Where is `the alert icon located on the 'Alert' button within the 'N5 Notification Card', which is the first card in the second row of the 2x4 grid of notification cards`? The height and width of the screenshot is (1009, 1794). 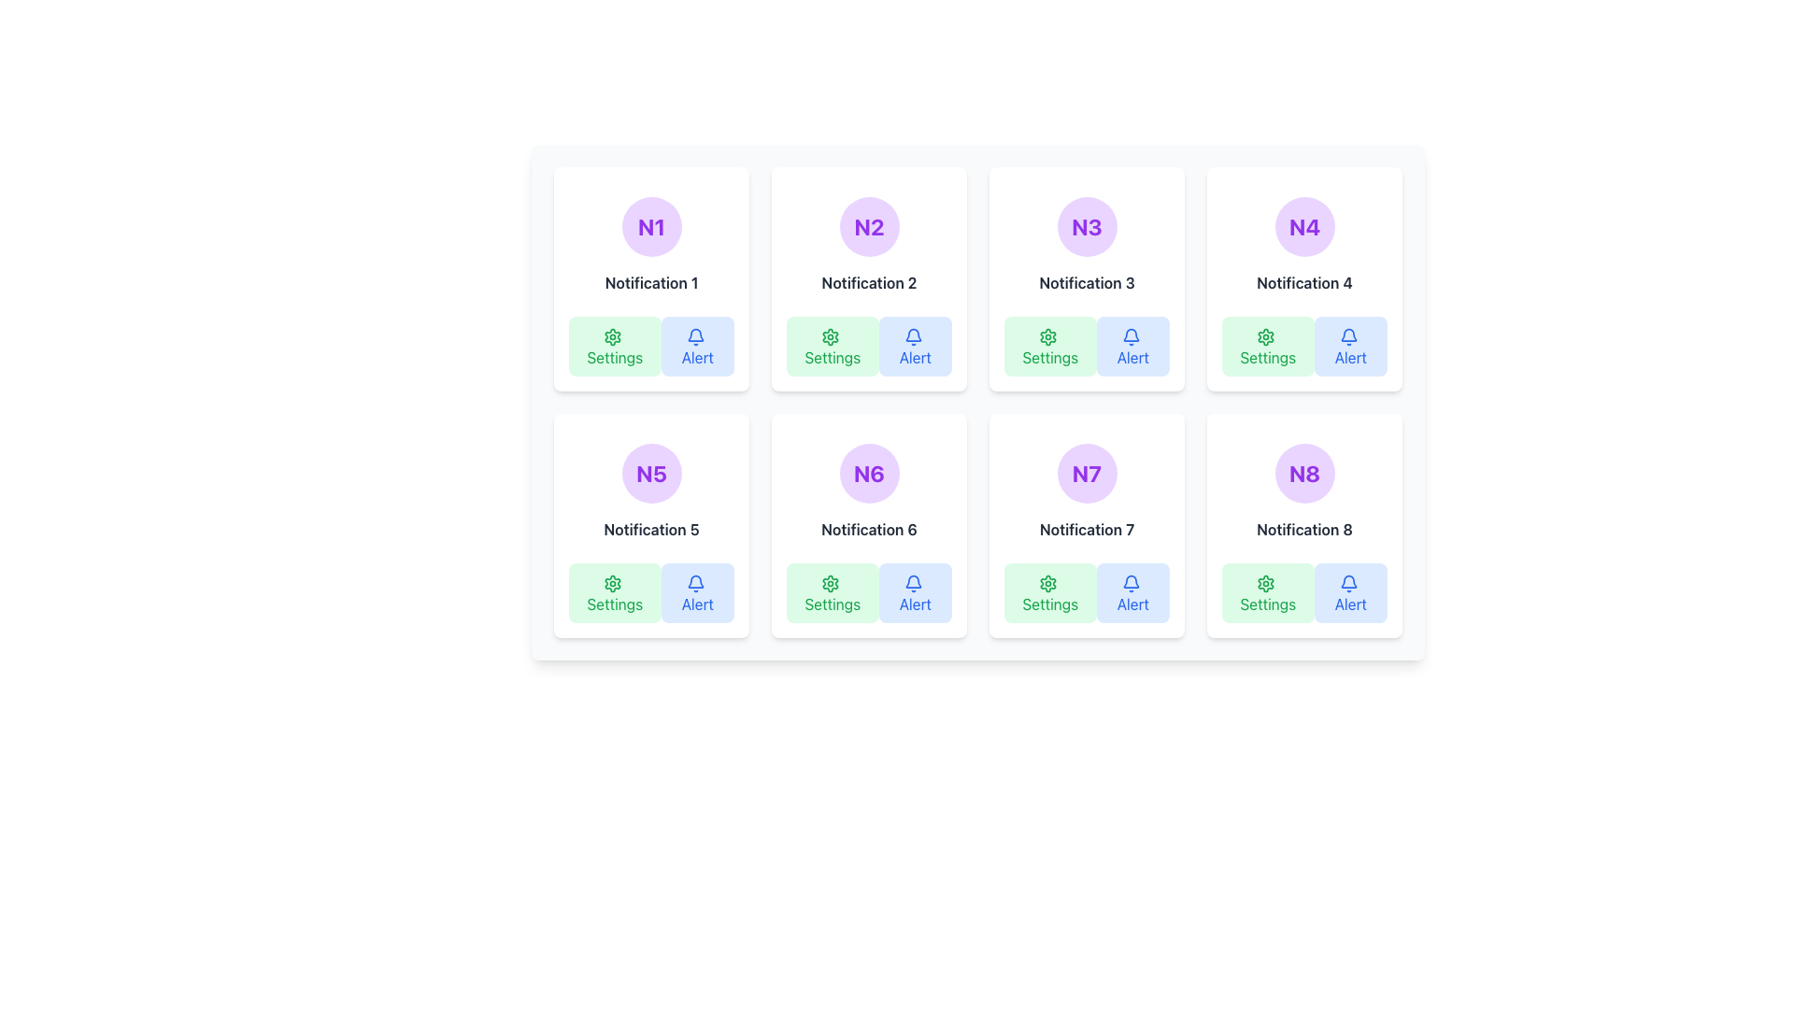 the alert icon located on the 'Alert' button within the 'N5 Notification Card', which is the first card in the second row of the 2x4 grid of notification cards is located at coordinates (694, 582).